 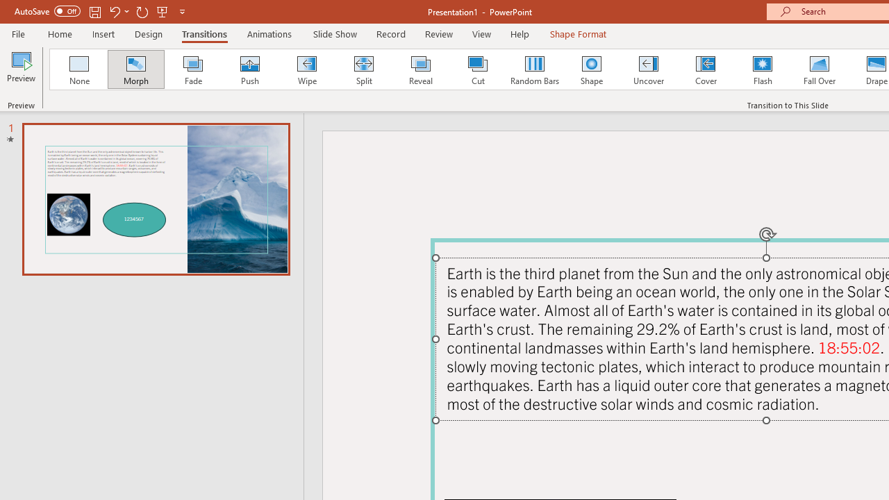 What do you see at coordinates (135, 69) in the screenshot?
I see `'Morph'` at bounding box center [135, 69].